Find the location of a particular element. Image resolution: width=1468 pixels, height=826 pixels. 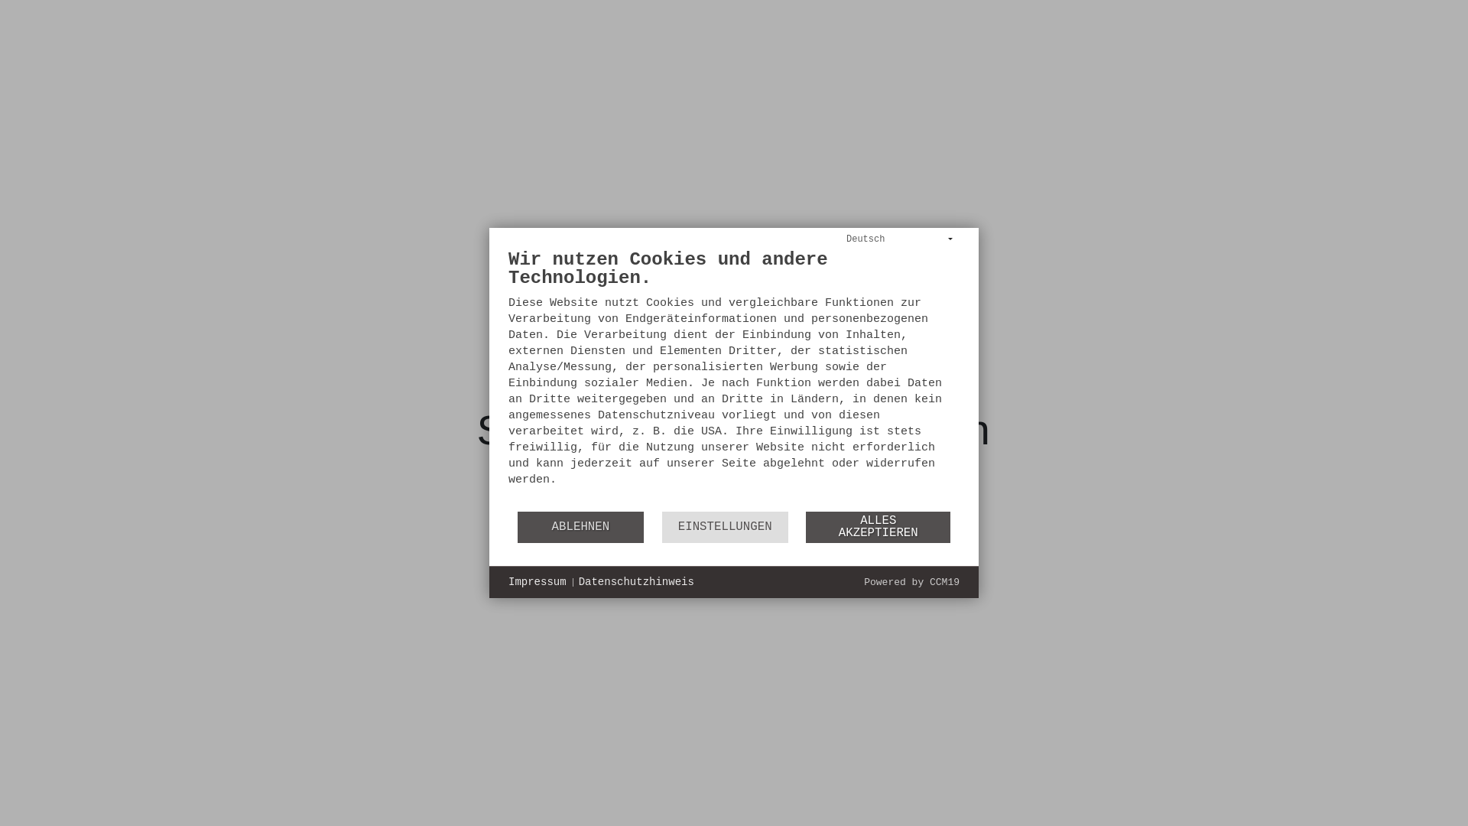

'EINSTELLUNGEN' is located at coordinates (724, 526).